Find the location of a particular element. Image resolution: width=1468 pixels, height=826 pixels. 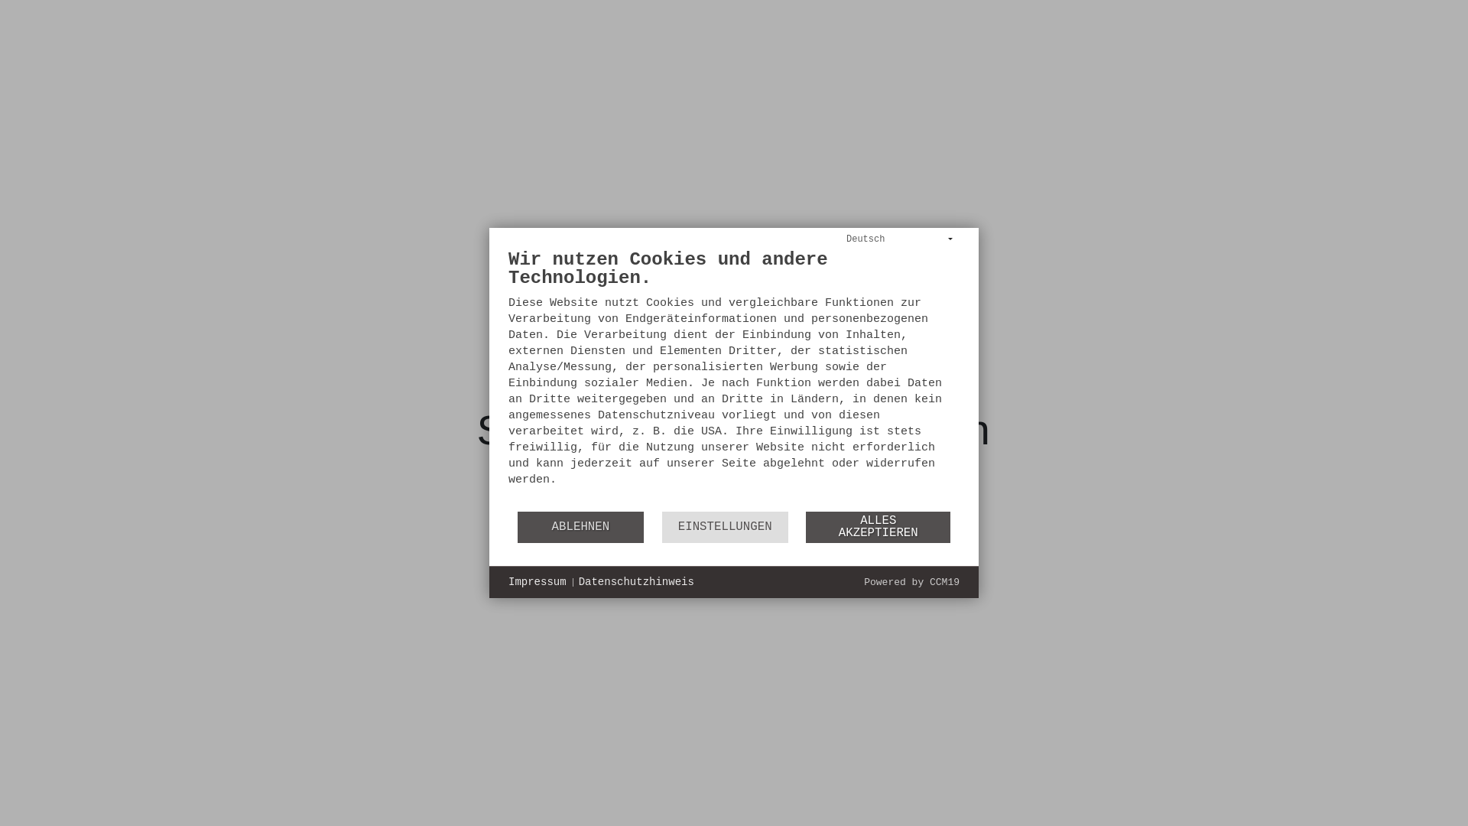

'EINSTELLUNGEN' is located at coordinates (724, 526).